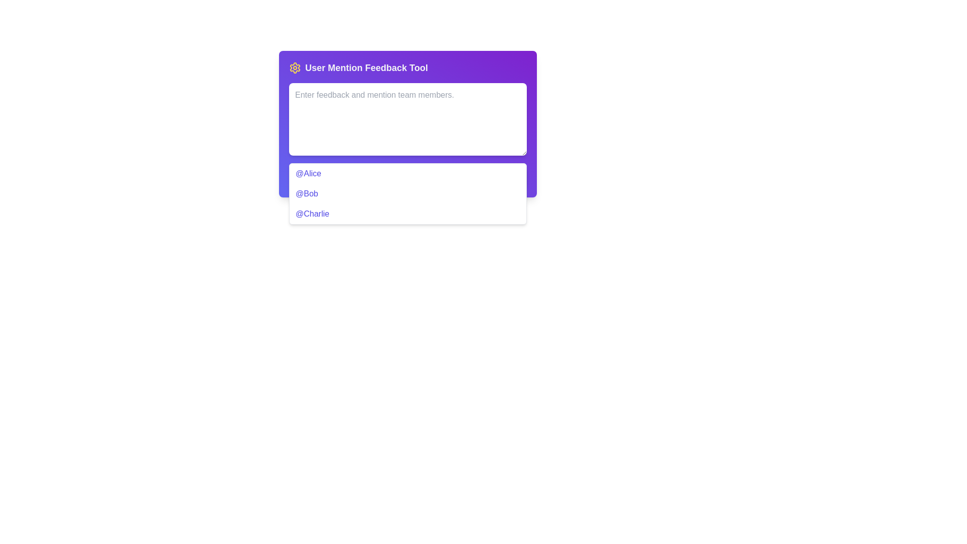  What do you see at coordinates (294, 68) in the screenshot?
I see `the gear icon located to the left of the 'User Mention Feedback Tool' title` at bounding box center [294, 68].